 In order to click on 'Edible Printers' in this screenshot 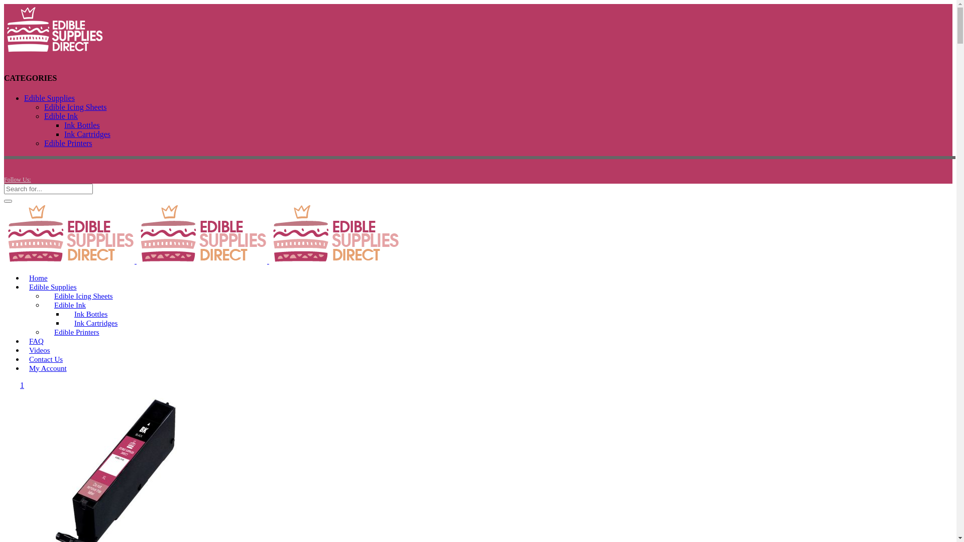, I will do `click(76, 332)`.